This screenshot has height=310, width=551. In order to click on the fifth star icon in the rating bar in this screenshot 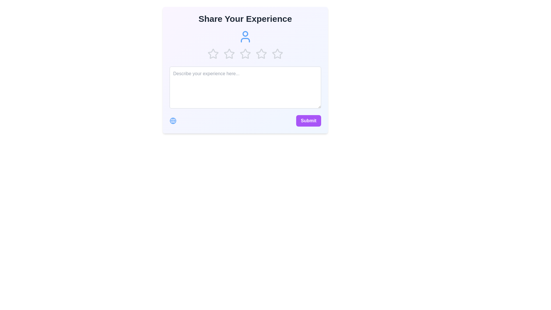, I will do `click(277, 54)`.